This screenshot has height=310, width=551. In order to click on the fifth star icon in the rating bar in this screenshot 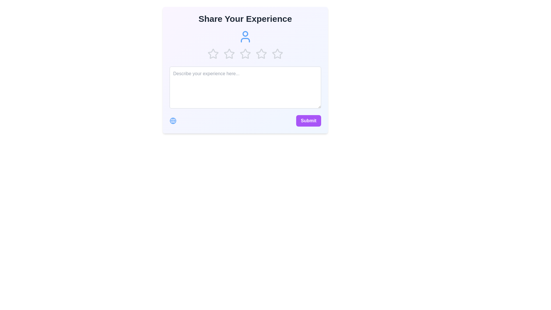, I will do `click(277, 54)`.